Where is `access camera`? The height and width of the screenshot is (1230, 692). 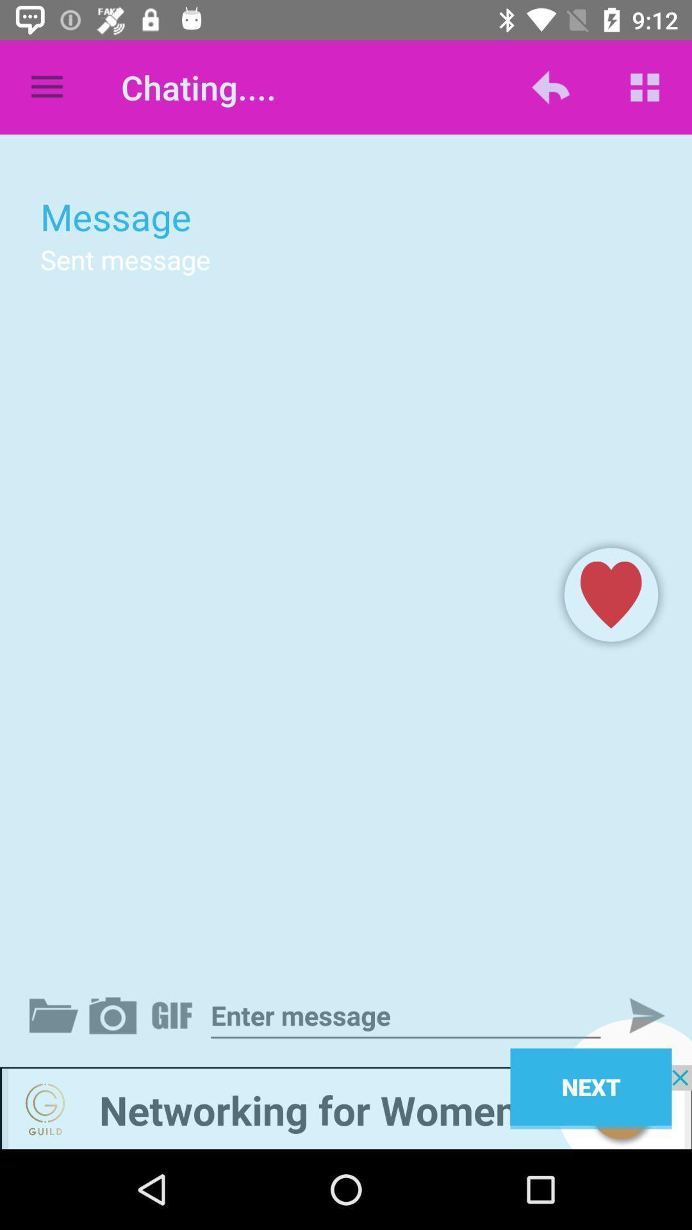 access camera is located at coordinates (115, 1015).